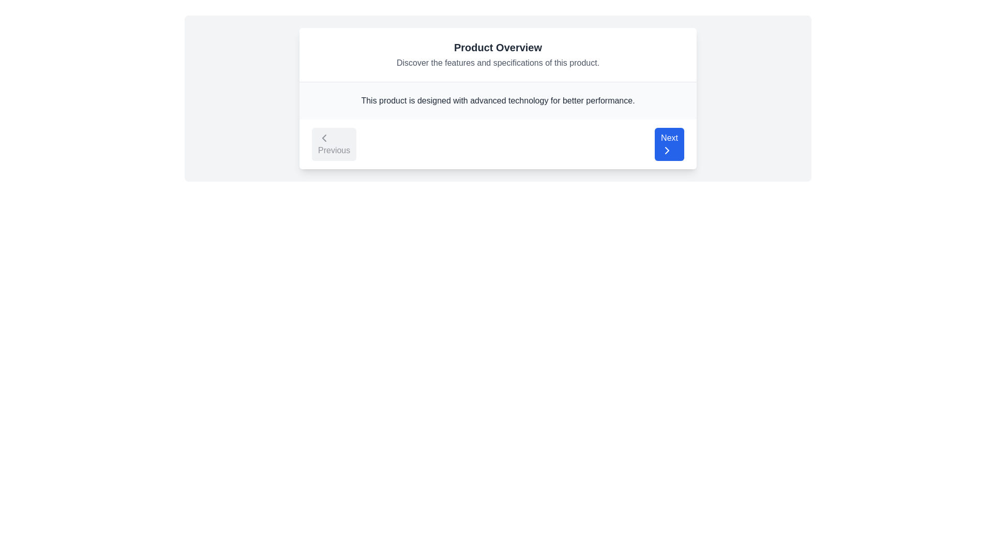  Describe the element at coordinates (498, 63) in the screenshot. I see `the text block element that reads 'Discover the features and specifications of this product.' which is located directly under the bolded title 'Product Overview'` at that location.